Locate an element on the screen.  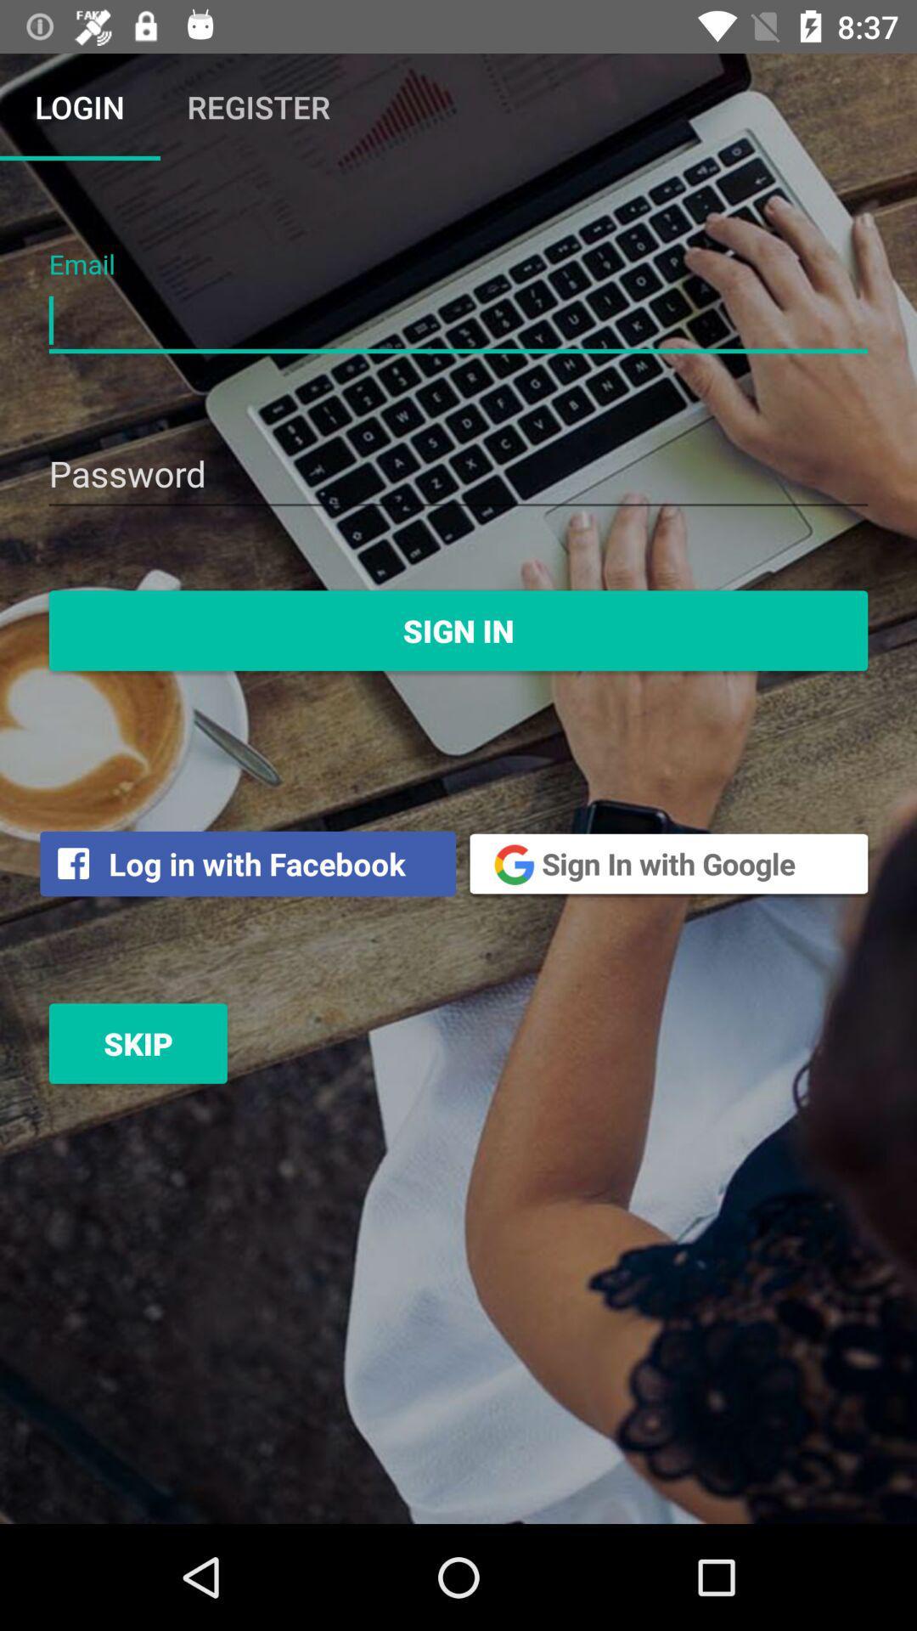
email is located at coordinates (458, 321).